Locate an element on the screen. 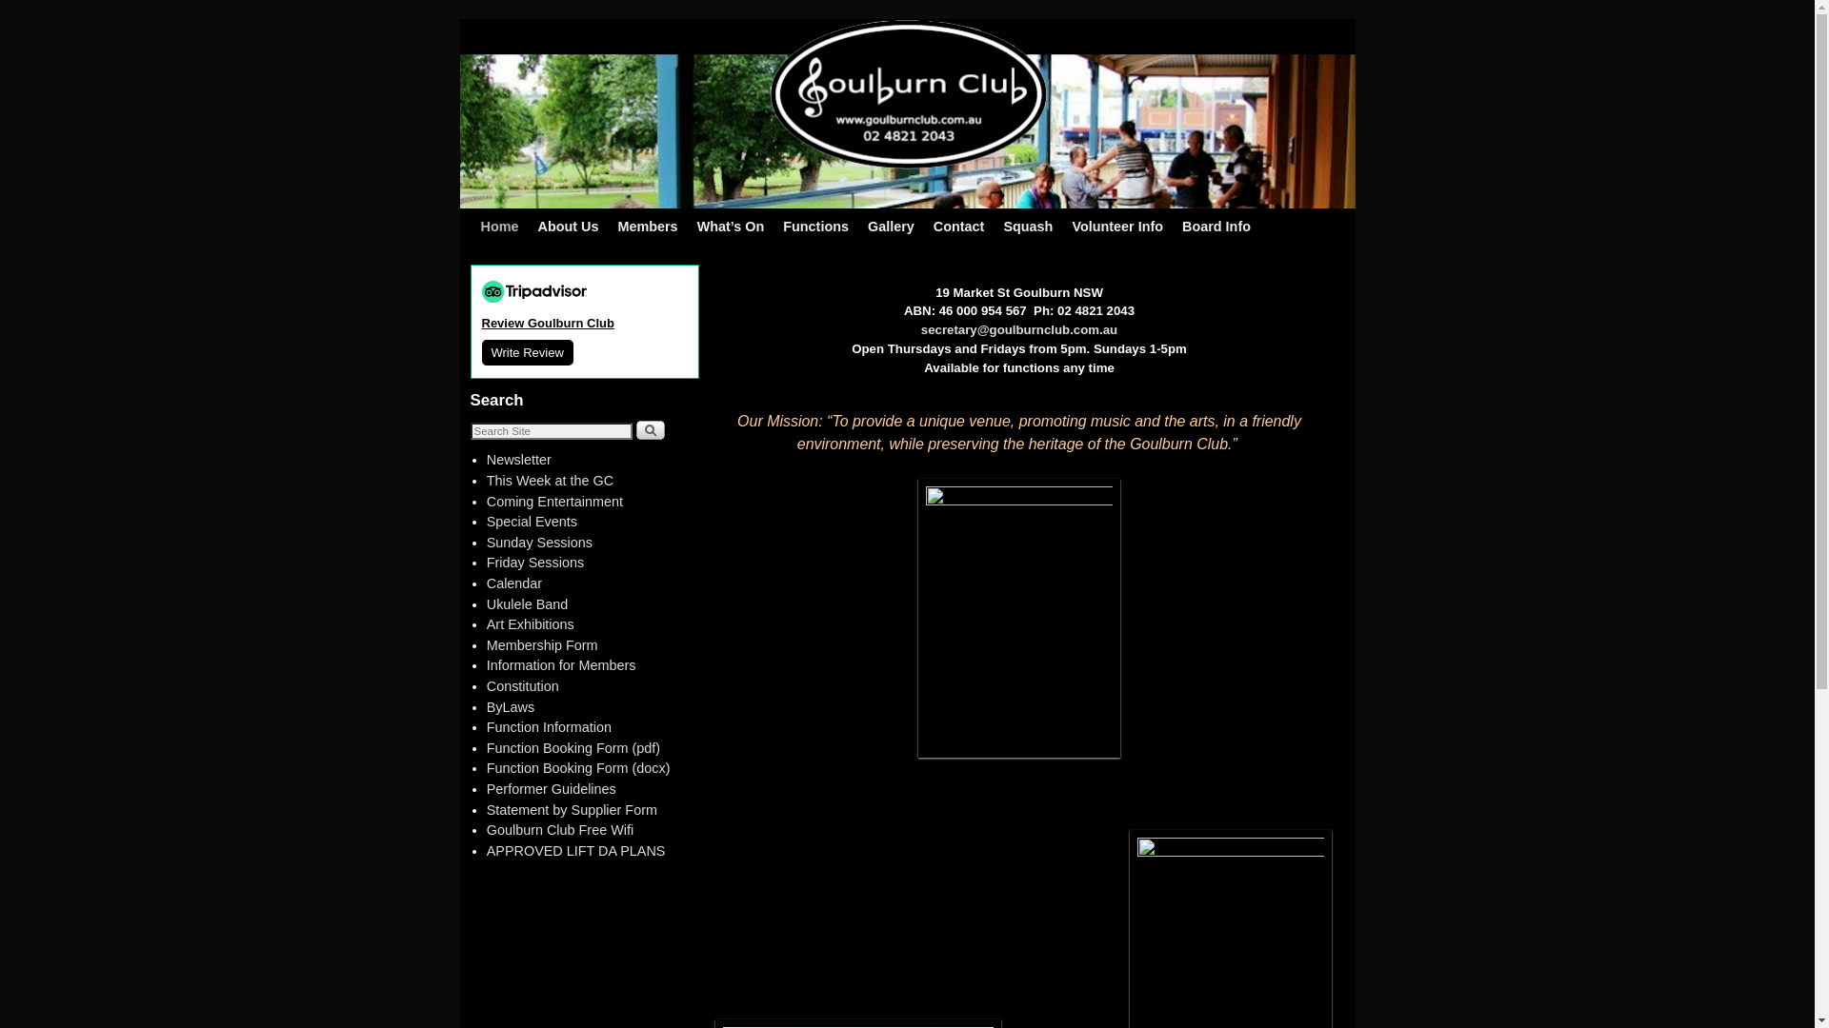 The image size is (1829, 1028). 'Squash' is located at coordinates (992, 226).